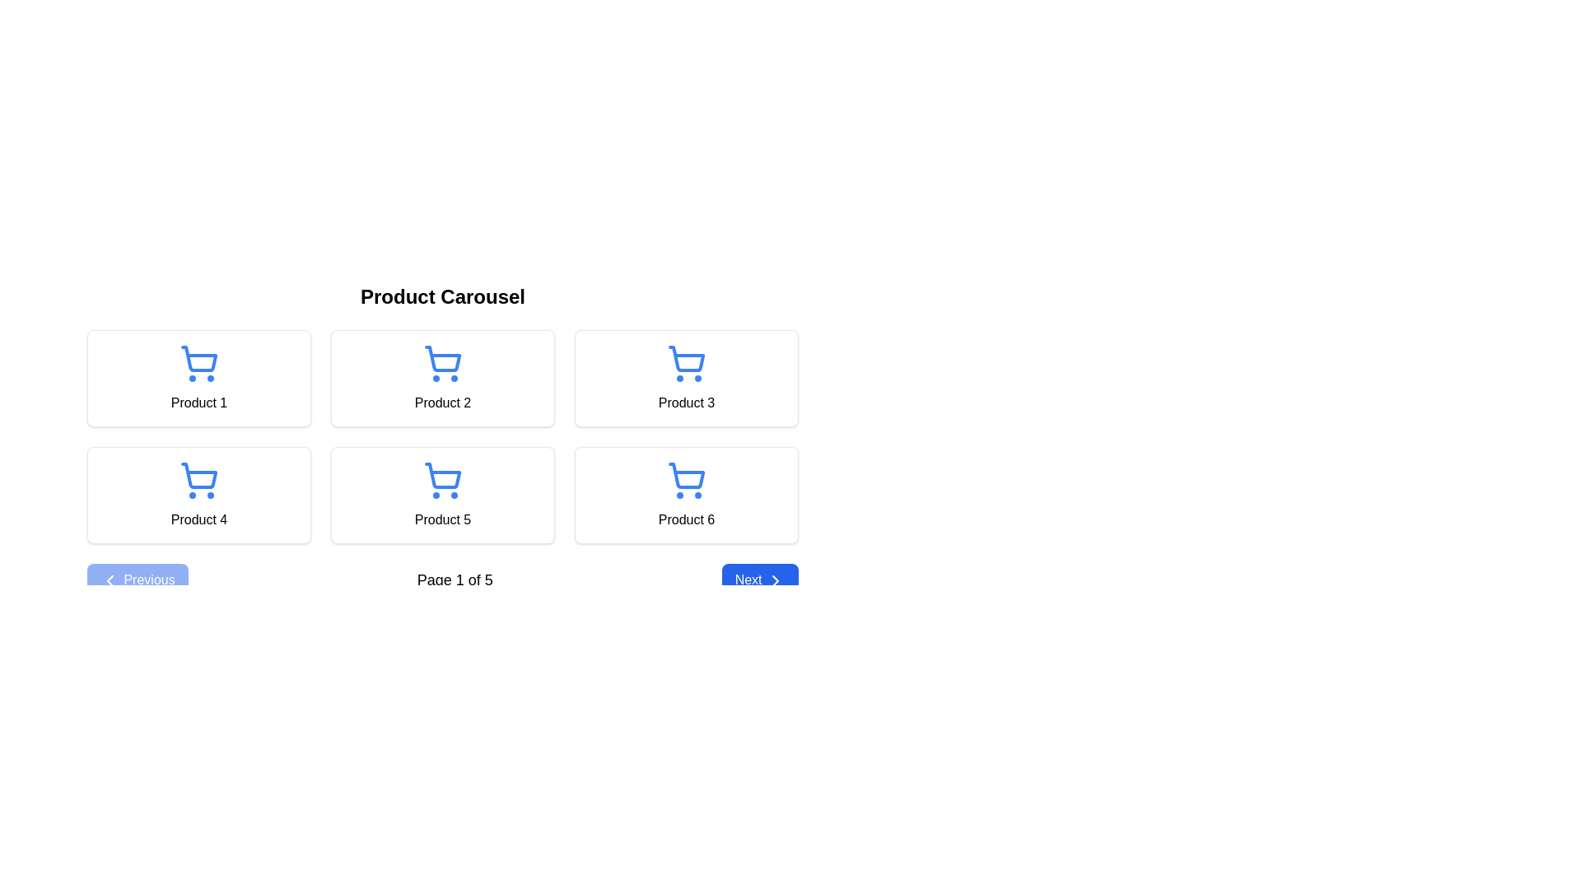 The image size is (1581, 889). What do you see at coordinates (198, 363) in the screenshot?
I see `the blue shopping cart icon located above the 'Product 1' label, positioned at the top-center of the product display grid` at bounding box center [198, 363].